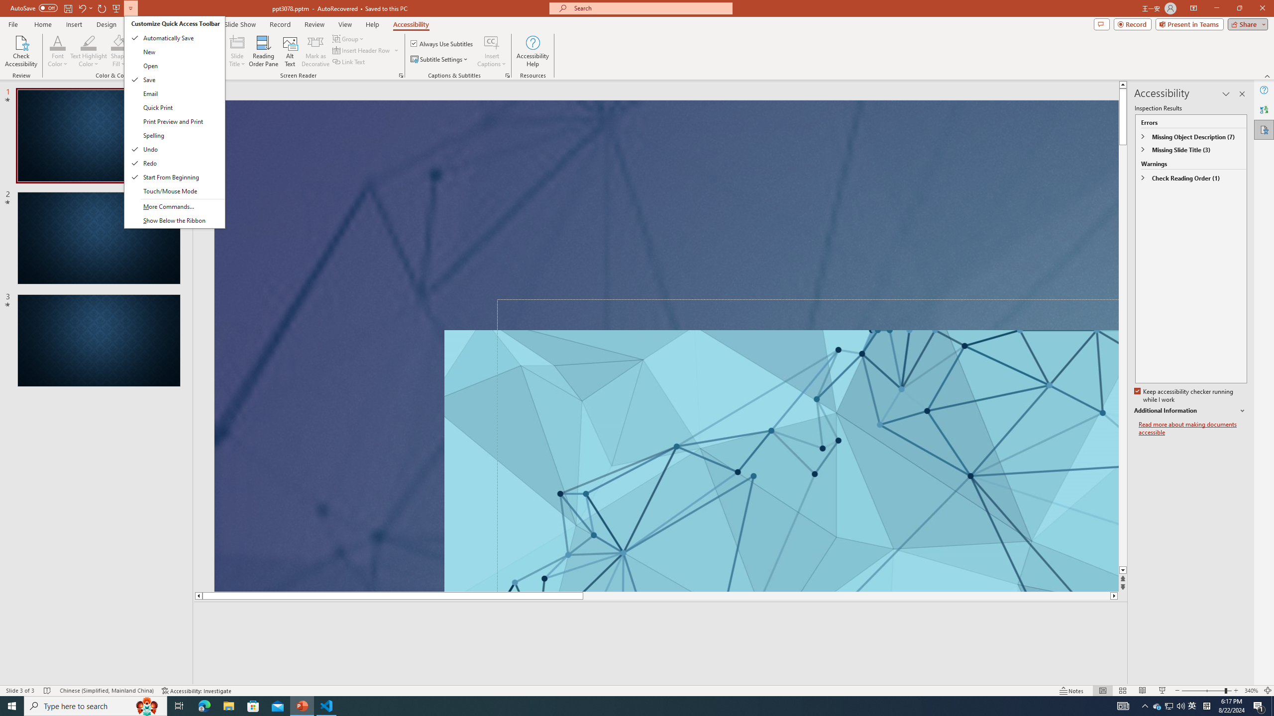 The height and width of the screenshot is (716, 1274). I want to click on 'Slide Title', so click(237, 42).